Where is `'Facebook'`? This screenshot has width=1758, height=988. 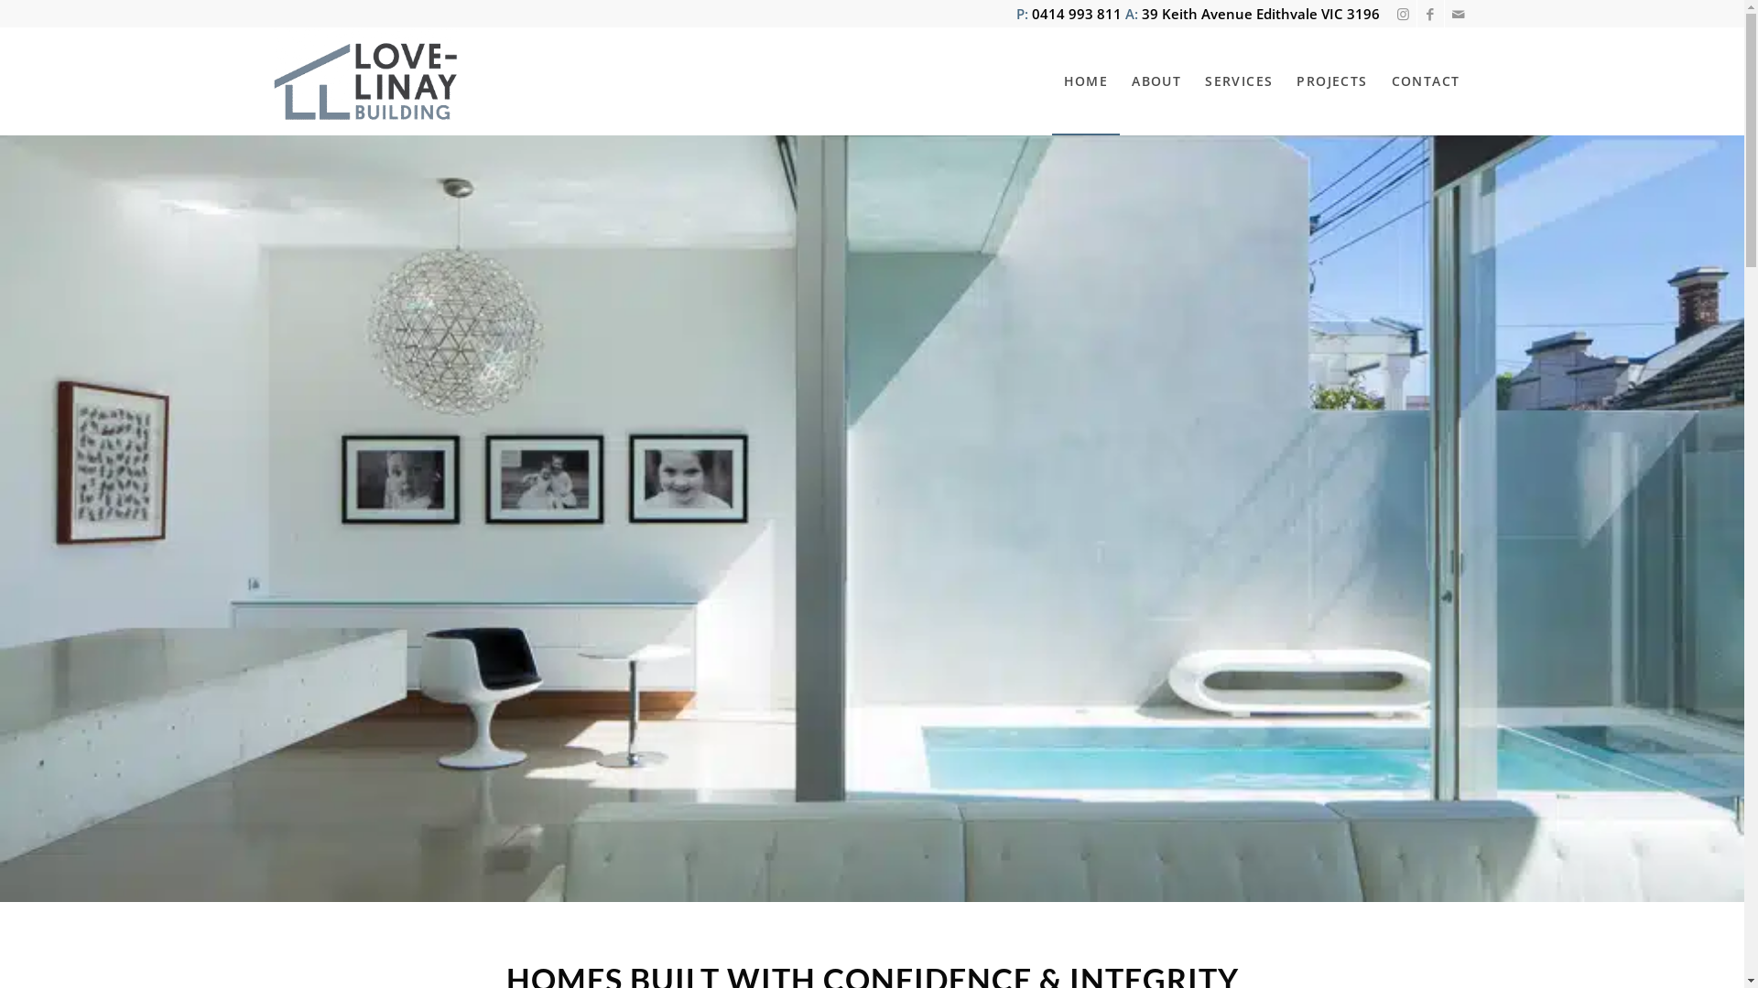
'Facebook' is located at coordinates (1416, 14).